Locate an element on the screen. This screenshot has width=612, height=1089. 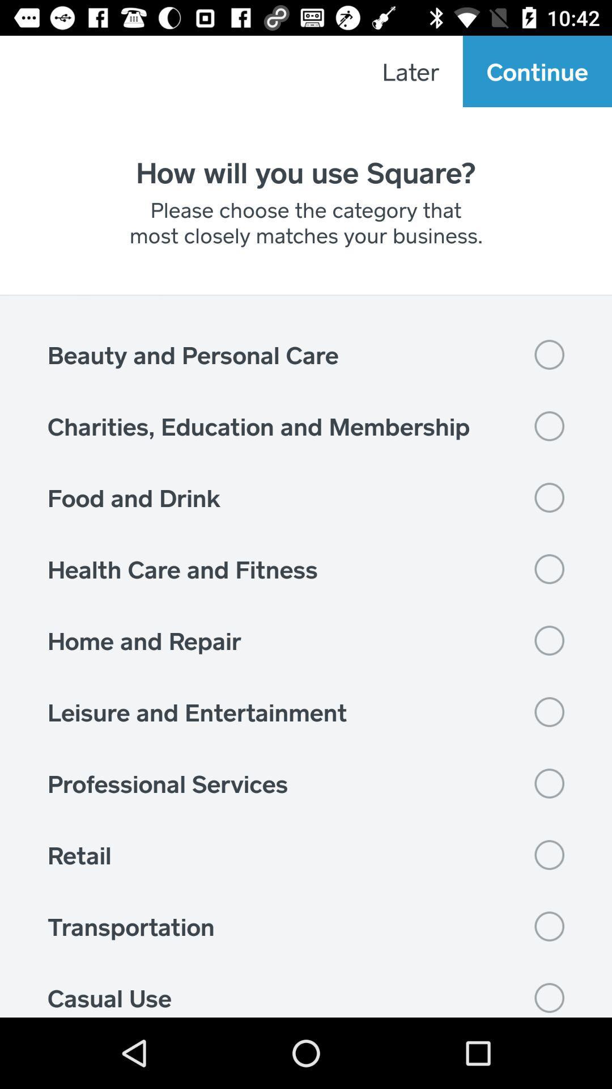
the later is located at coordinates (410, 70).